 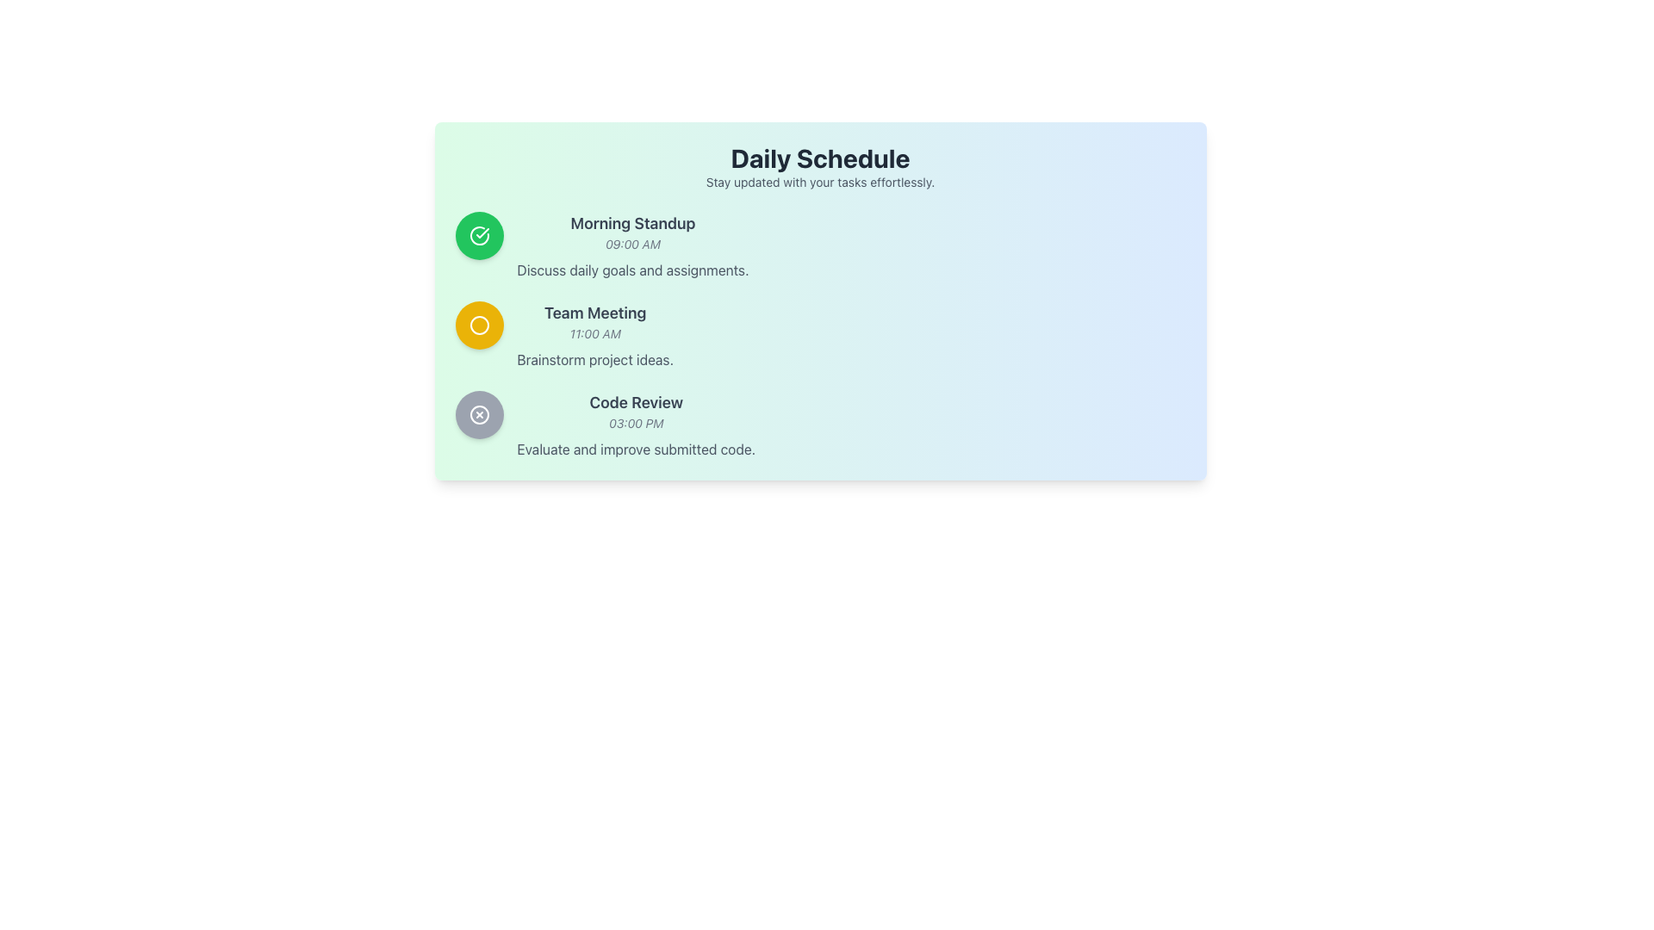 What do you see at coordinates (479, 235) in the screenshot?
I see `the button` at bounding box center [479, 235].